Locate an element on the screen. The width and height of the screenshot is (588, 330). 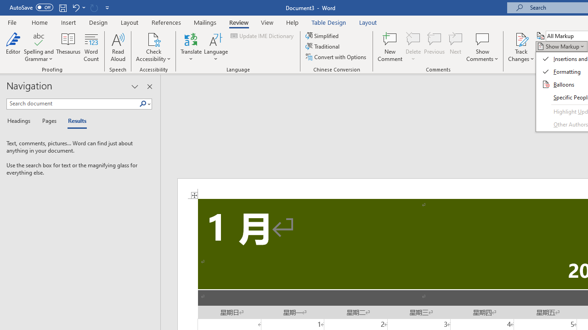
'Can' is located at coordinates (94, 7).